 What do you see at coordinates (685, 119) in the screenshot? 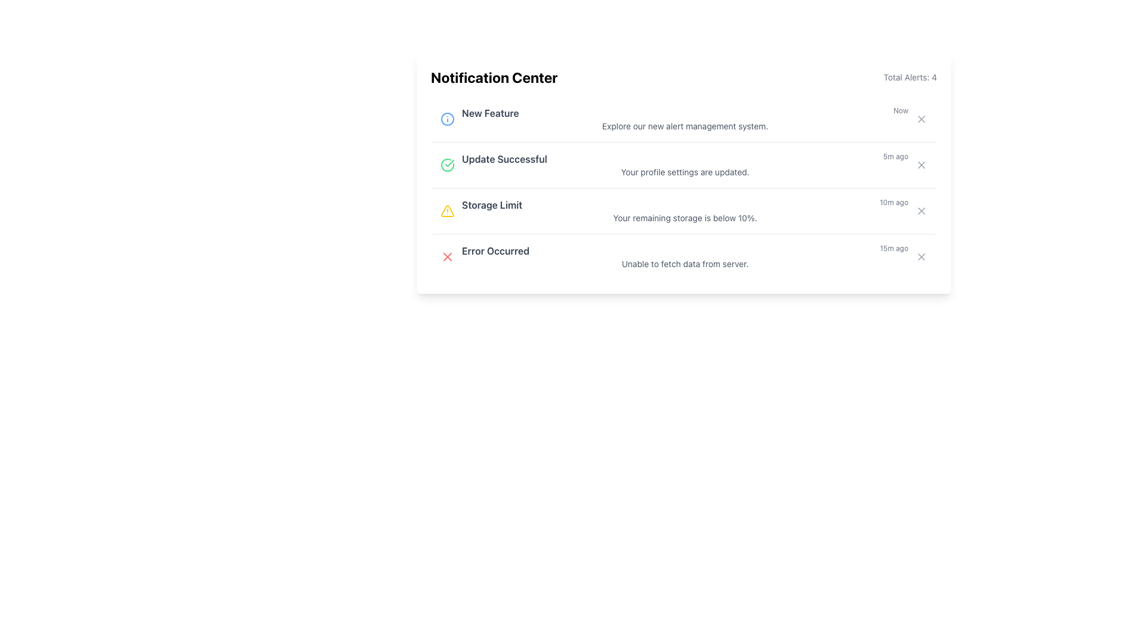
I see `the informational alert notifying the user of a new feature, which includes the message 'New Feature' and its description` at bounding box center [685, 119].